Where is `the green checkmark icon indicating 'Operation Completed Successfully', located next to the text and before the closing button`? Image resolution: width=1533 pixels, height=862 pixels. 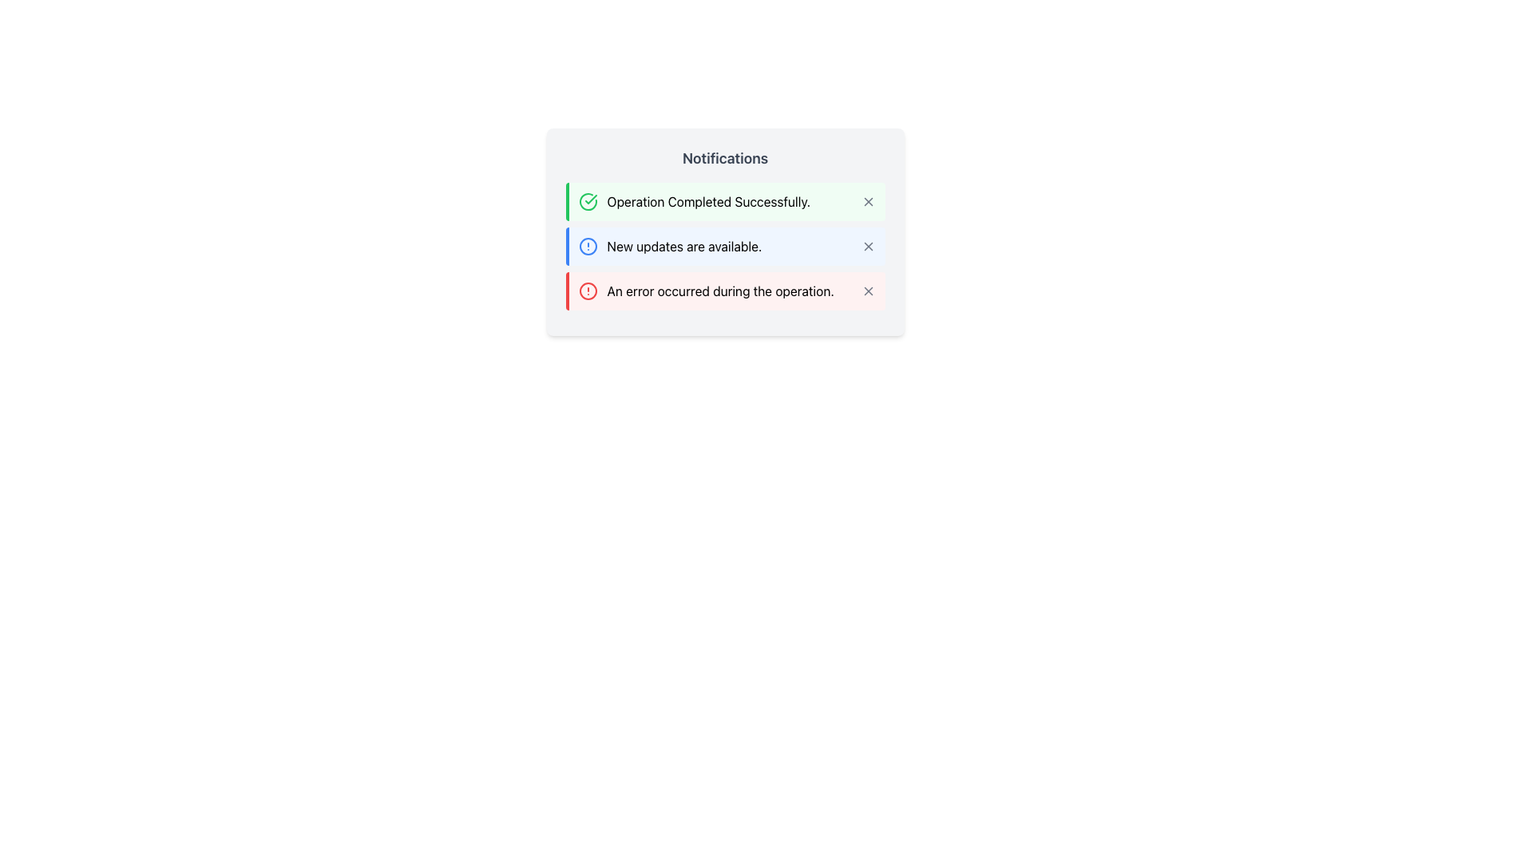 the green checkmark icon indicating 'Operation Completed Successfully', located next to the text and before the closing button is located at coordinates (589, 199).